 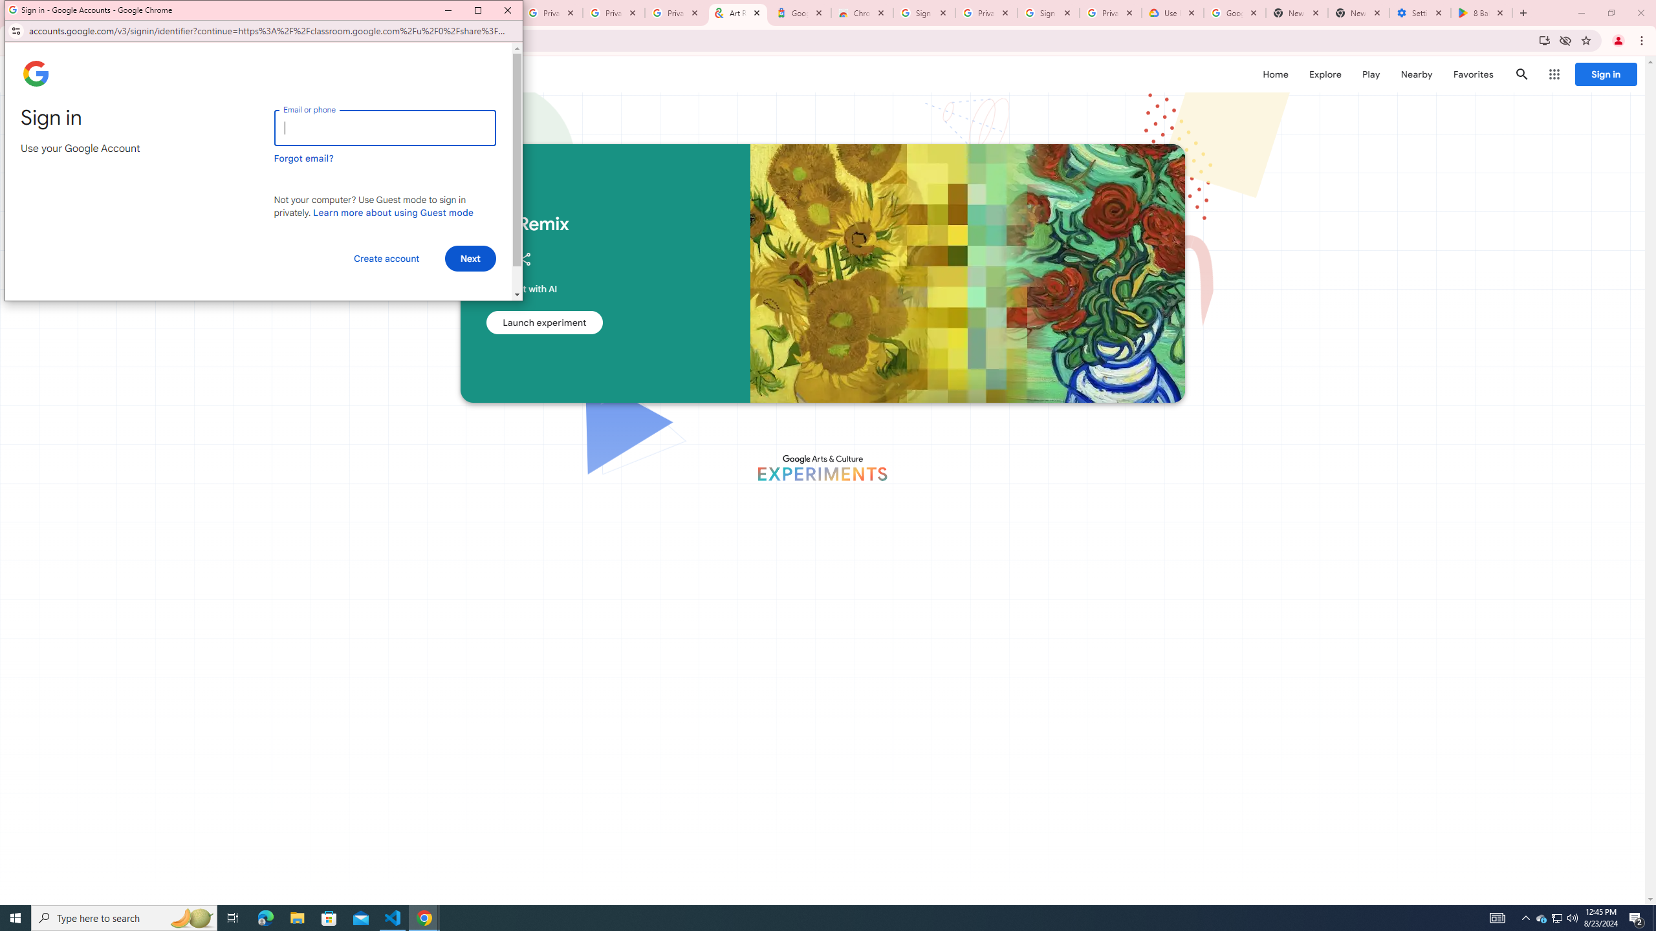 What do you see at coordinates (613, 12) in the screenshot?
I see `'Privacy Checkup'` at bounding box center [613, 12].